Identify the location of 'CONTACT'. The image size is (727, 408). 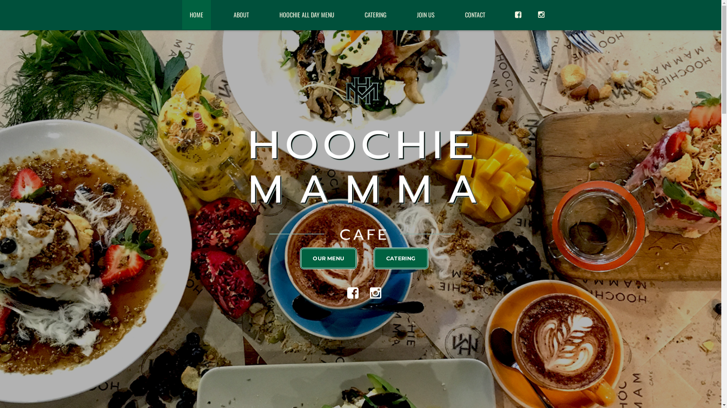
(474, 14).